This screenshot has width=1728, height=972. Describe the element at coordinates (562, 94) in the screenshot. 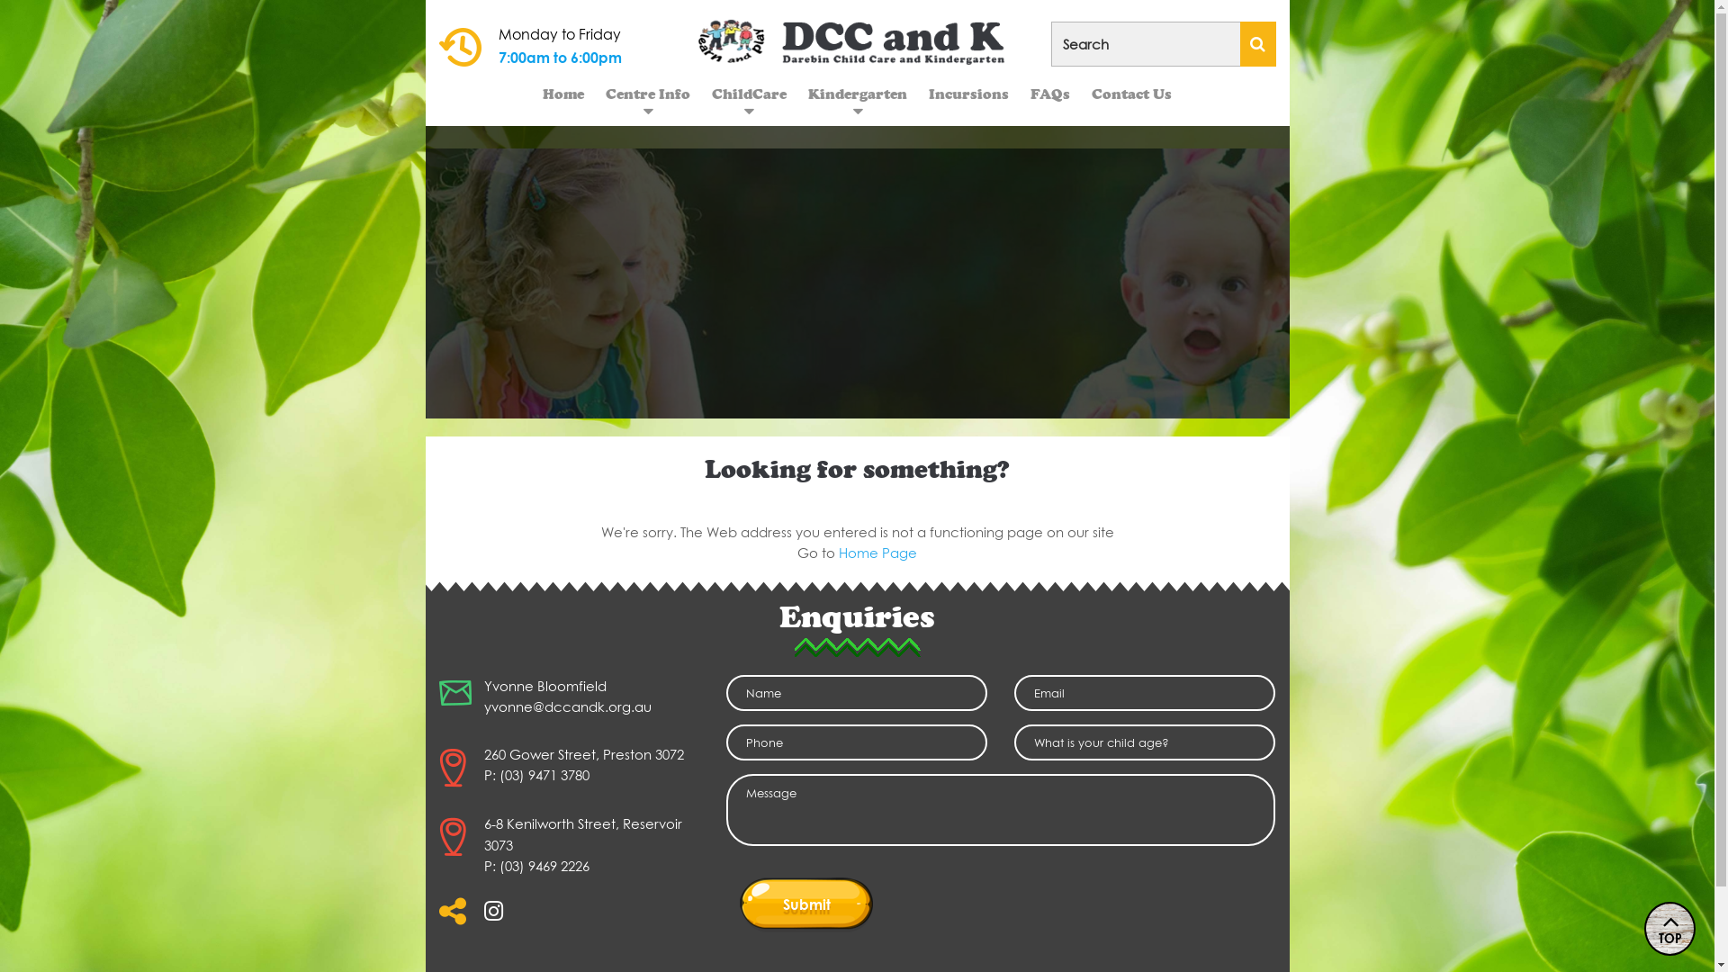

I see `'Home'` at that location.